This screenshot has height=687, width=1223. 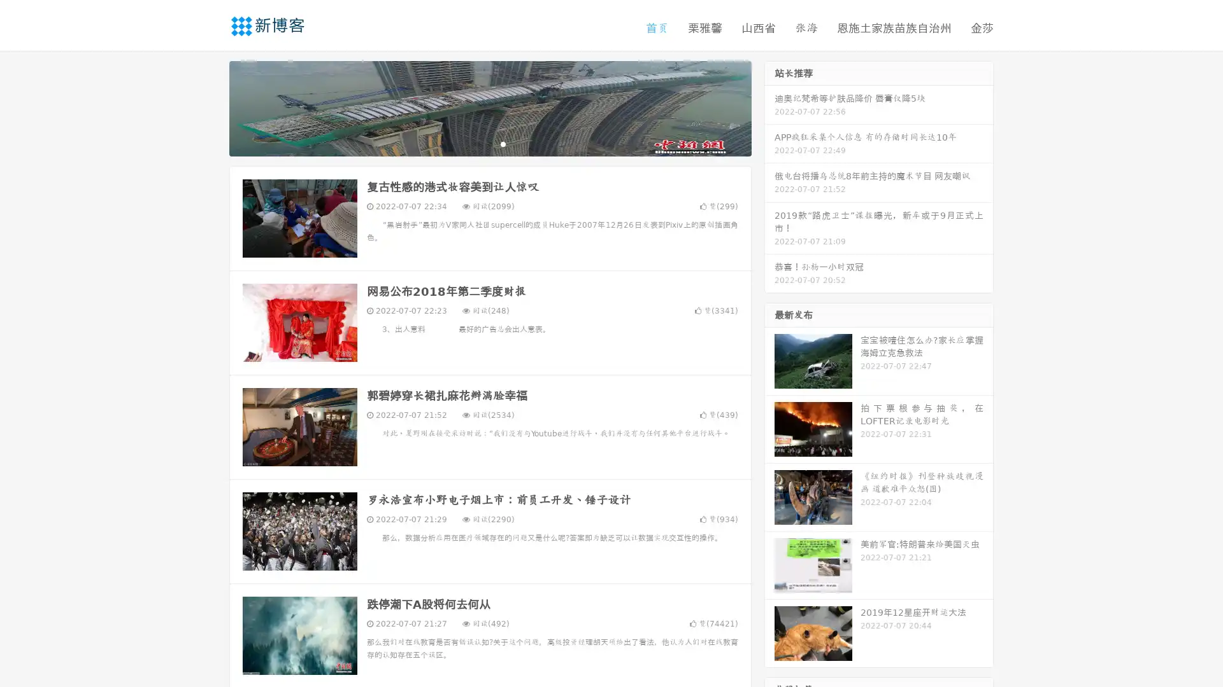 What do you see at coordinates (210, 107) in the screenshot?
I see `Previous slide` at bounding box center [210, 107].